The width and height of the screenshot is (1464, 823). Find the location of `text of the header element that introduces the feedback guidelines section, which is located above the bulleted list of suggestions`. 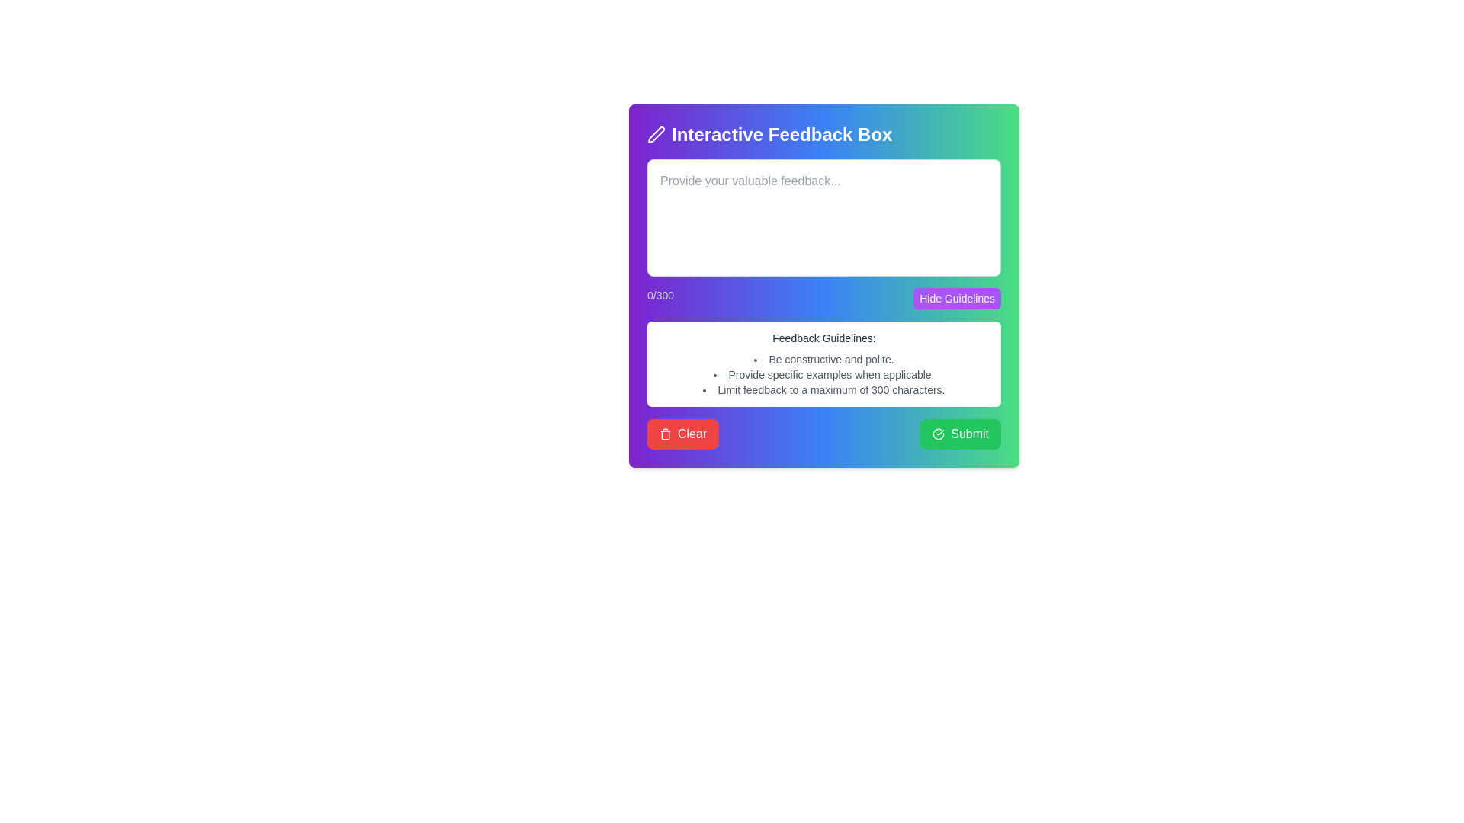

text of the header element that introduces the feedback guidelines section, which is located above the bulleted list of suggestions is located at coordinates (823, 337).